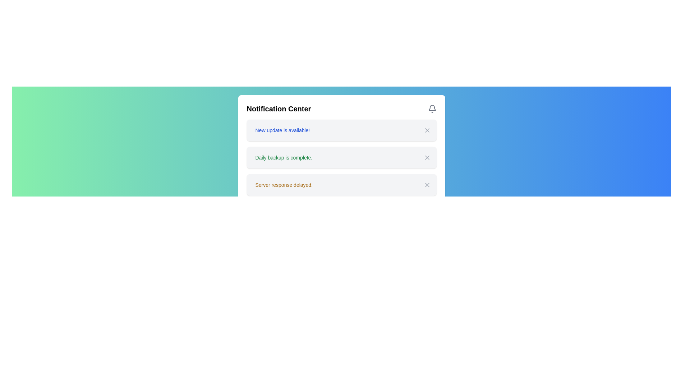 The height and width of the screenshot is (388, 690). What do you see at coordinates (427, 185) in the screenshot?
I see `the Close Button icon located to the right of the 'Server response delayed.' notification` at bounding box center [427, 185].